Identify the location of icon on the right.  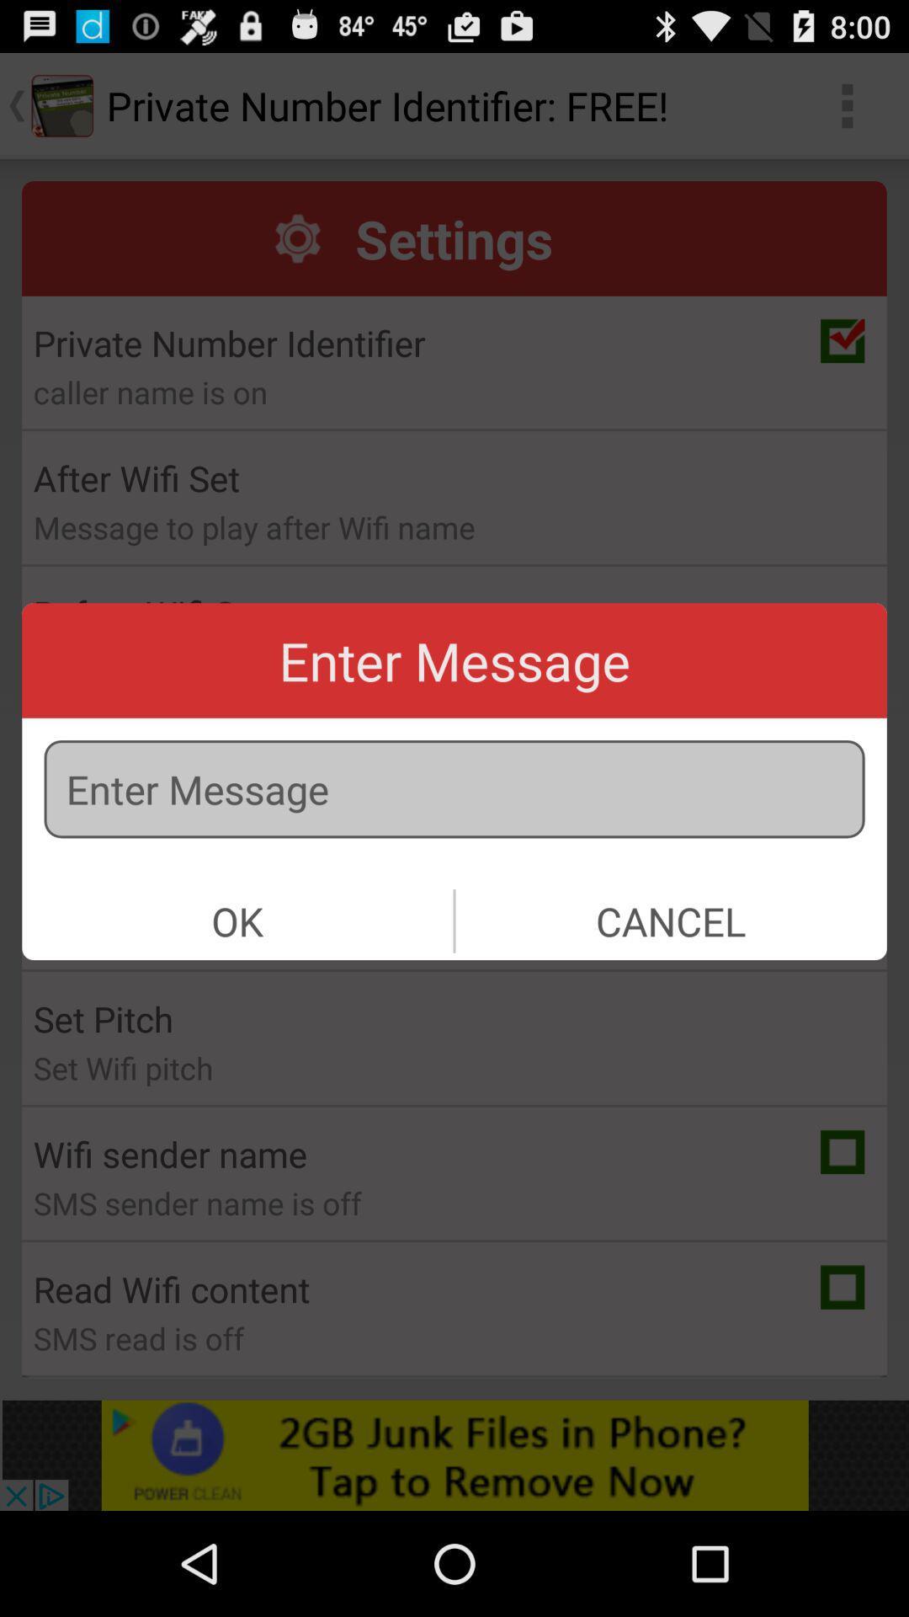
(670, 920).